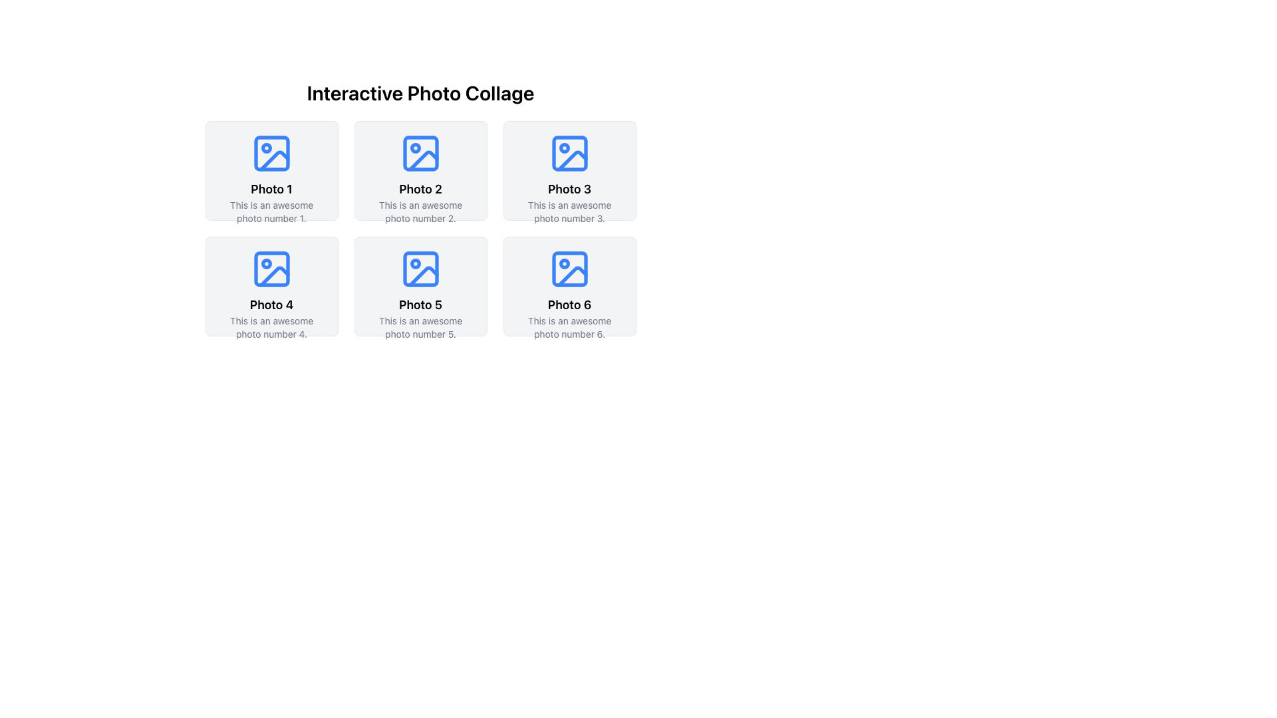  I want to click on the photo icon located in the second card of the 'Interactive Photo Collage' grid layout, which is centered above the text 'Photo 2' and 'This is an awesome photo number 2.', so click(420, 153).